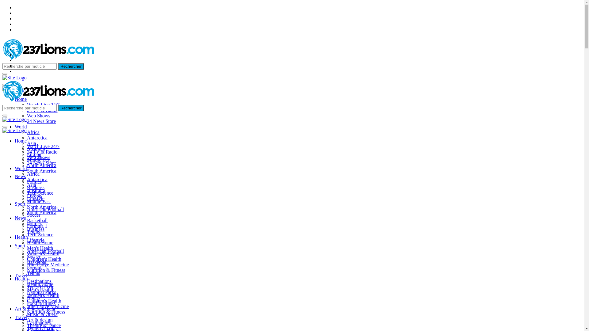  What do you see at coordinates (45, 209) in the screenshot?
I see `'American Football'` at bounding box center [45, 209].